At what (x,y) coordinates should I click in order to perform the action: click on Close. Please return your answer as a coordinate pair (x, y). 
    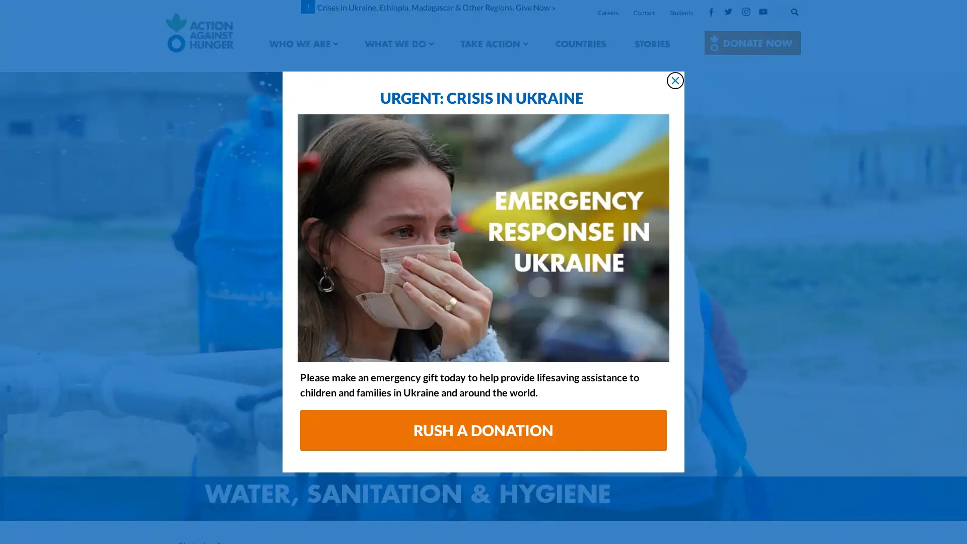
    Looking at the image, I should click on (675, 80).